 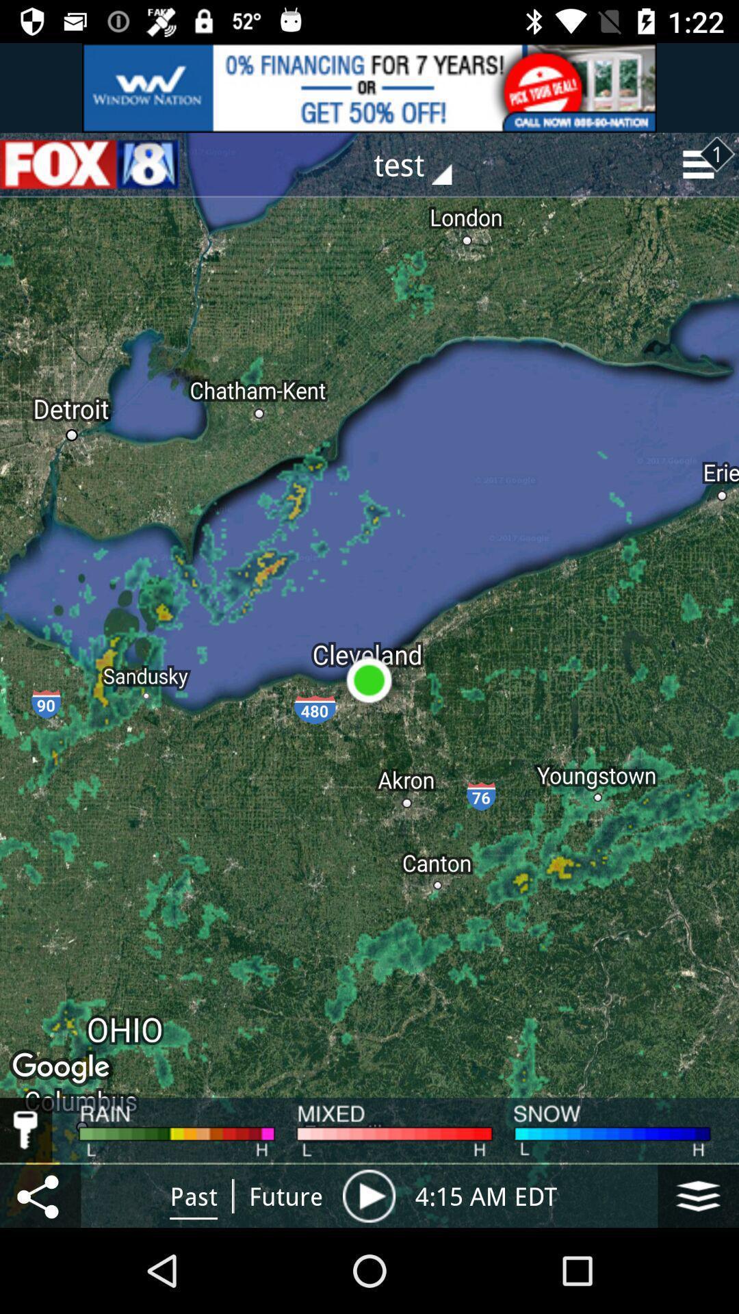 What do you see at coordinates (285, 1195) in the screenshot?
I see `the option next to past at the bottom` at bounding box center [285, 1195].